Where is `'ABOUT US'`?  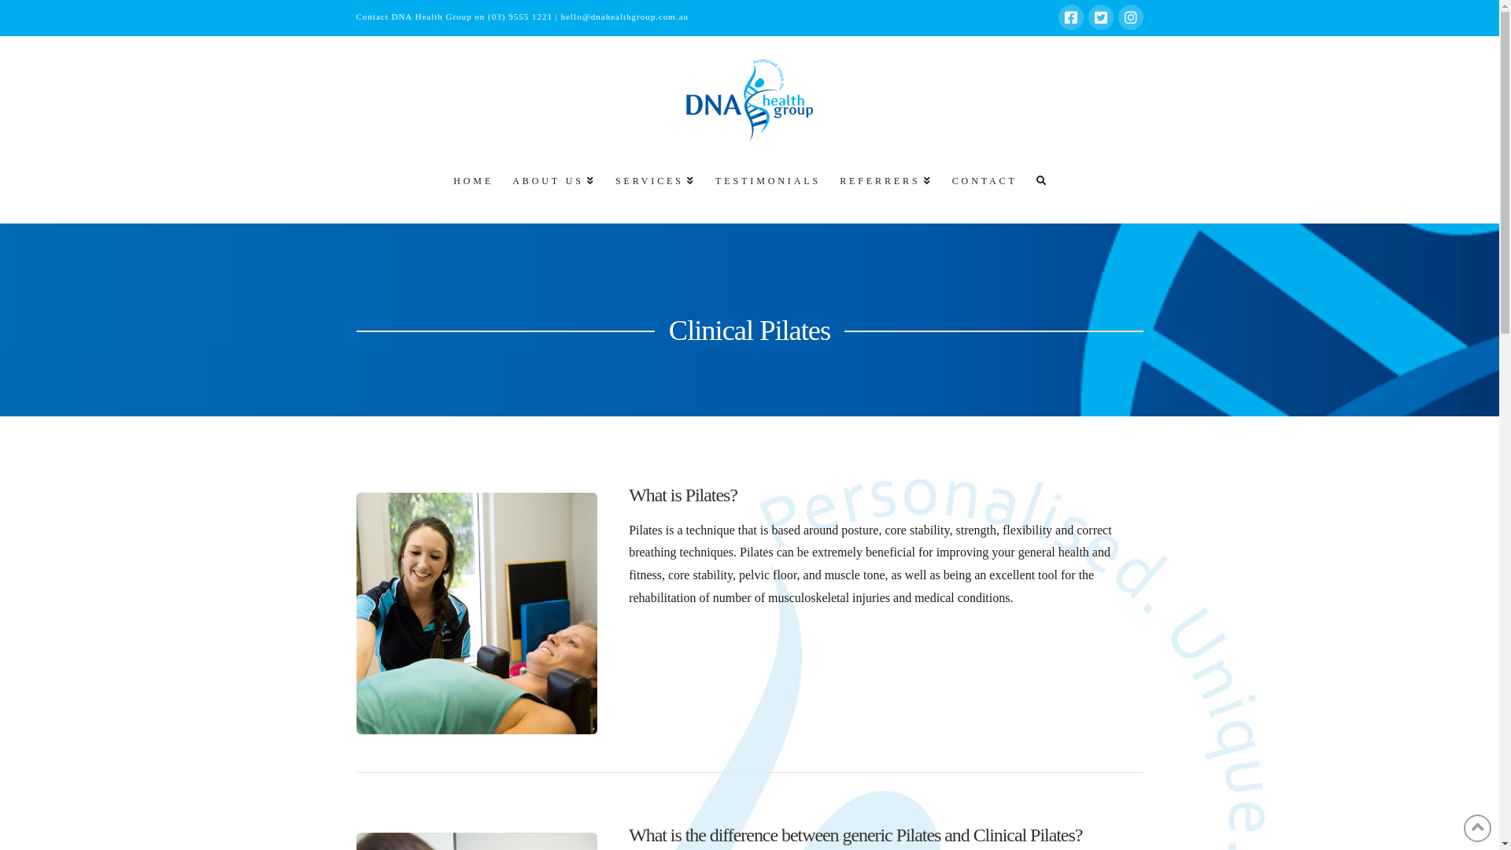
'ABOUT US' is located at coordinates (552, 187).